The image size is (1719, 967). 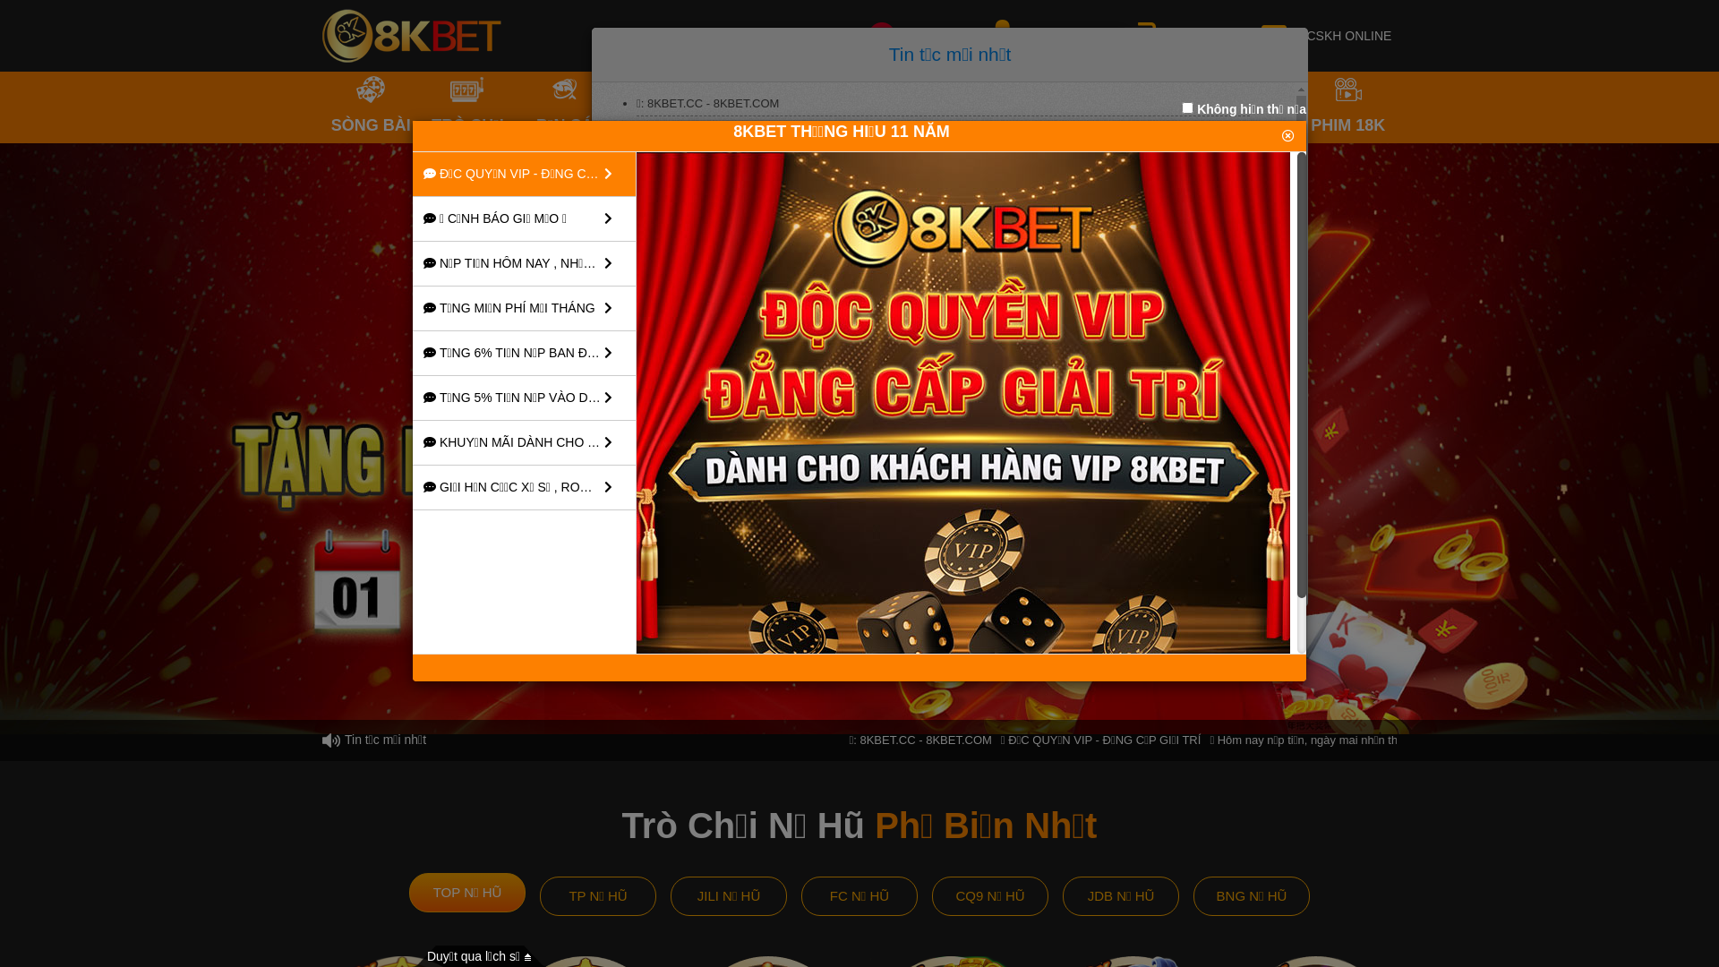 What do you see at coordinates (1303, 107) in the screenshot?
I see `'PHIM 18K'` at bounding box center [1303, 107].